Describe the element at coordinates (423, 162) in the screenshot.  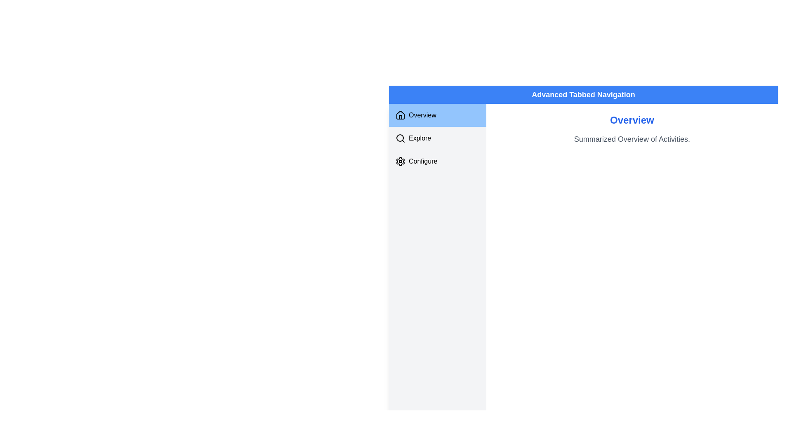
I see `the text label for the configuration settings located to the right of the gear icon in the sidebar menu` at that location.